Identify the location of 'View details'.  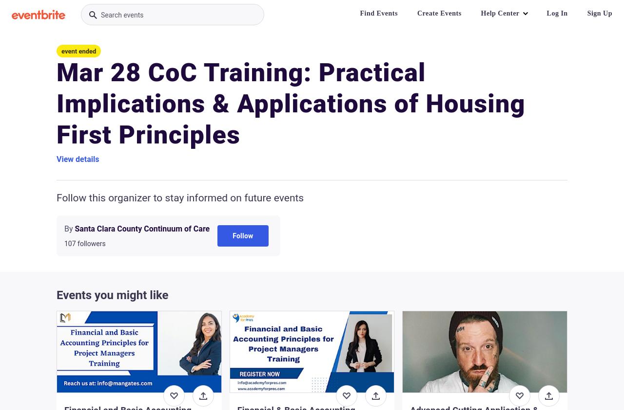
(77, 159).